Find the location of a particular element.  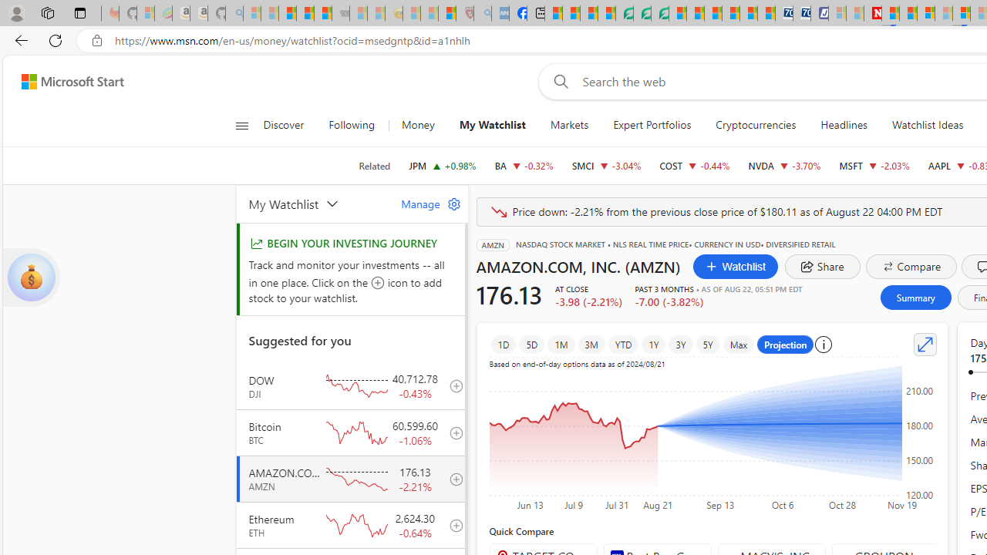

'3M' is located at coordinates (590, 344).